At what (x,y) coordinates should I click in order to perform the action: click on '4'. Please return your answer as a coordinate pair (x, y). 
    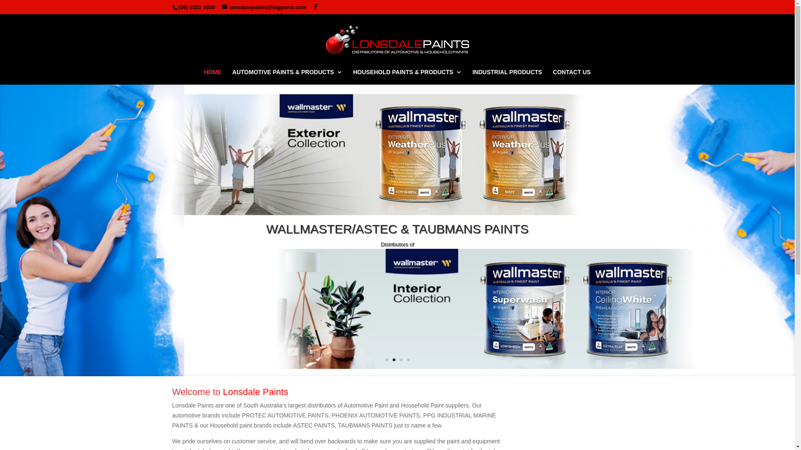
    Looking at the image, I should click on (408, 359).